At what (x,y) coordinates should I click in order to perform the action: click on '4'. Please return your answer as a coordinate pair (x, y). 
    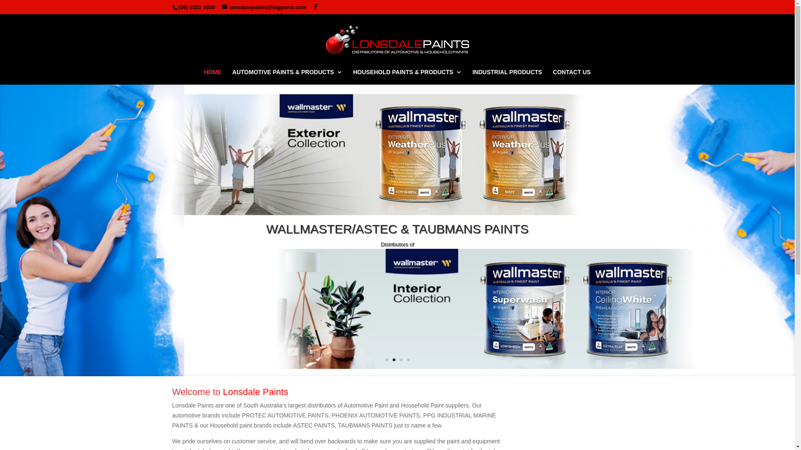
    Looking at the image, I should click on (408, 359).